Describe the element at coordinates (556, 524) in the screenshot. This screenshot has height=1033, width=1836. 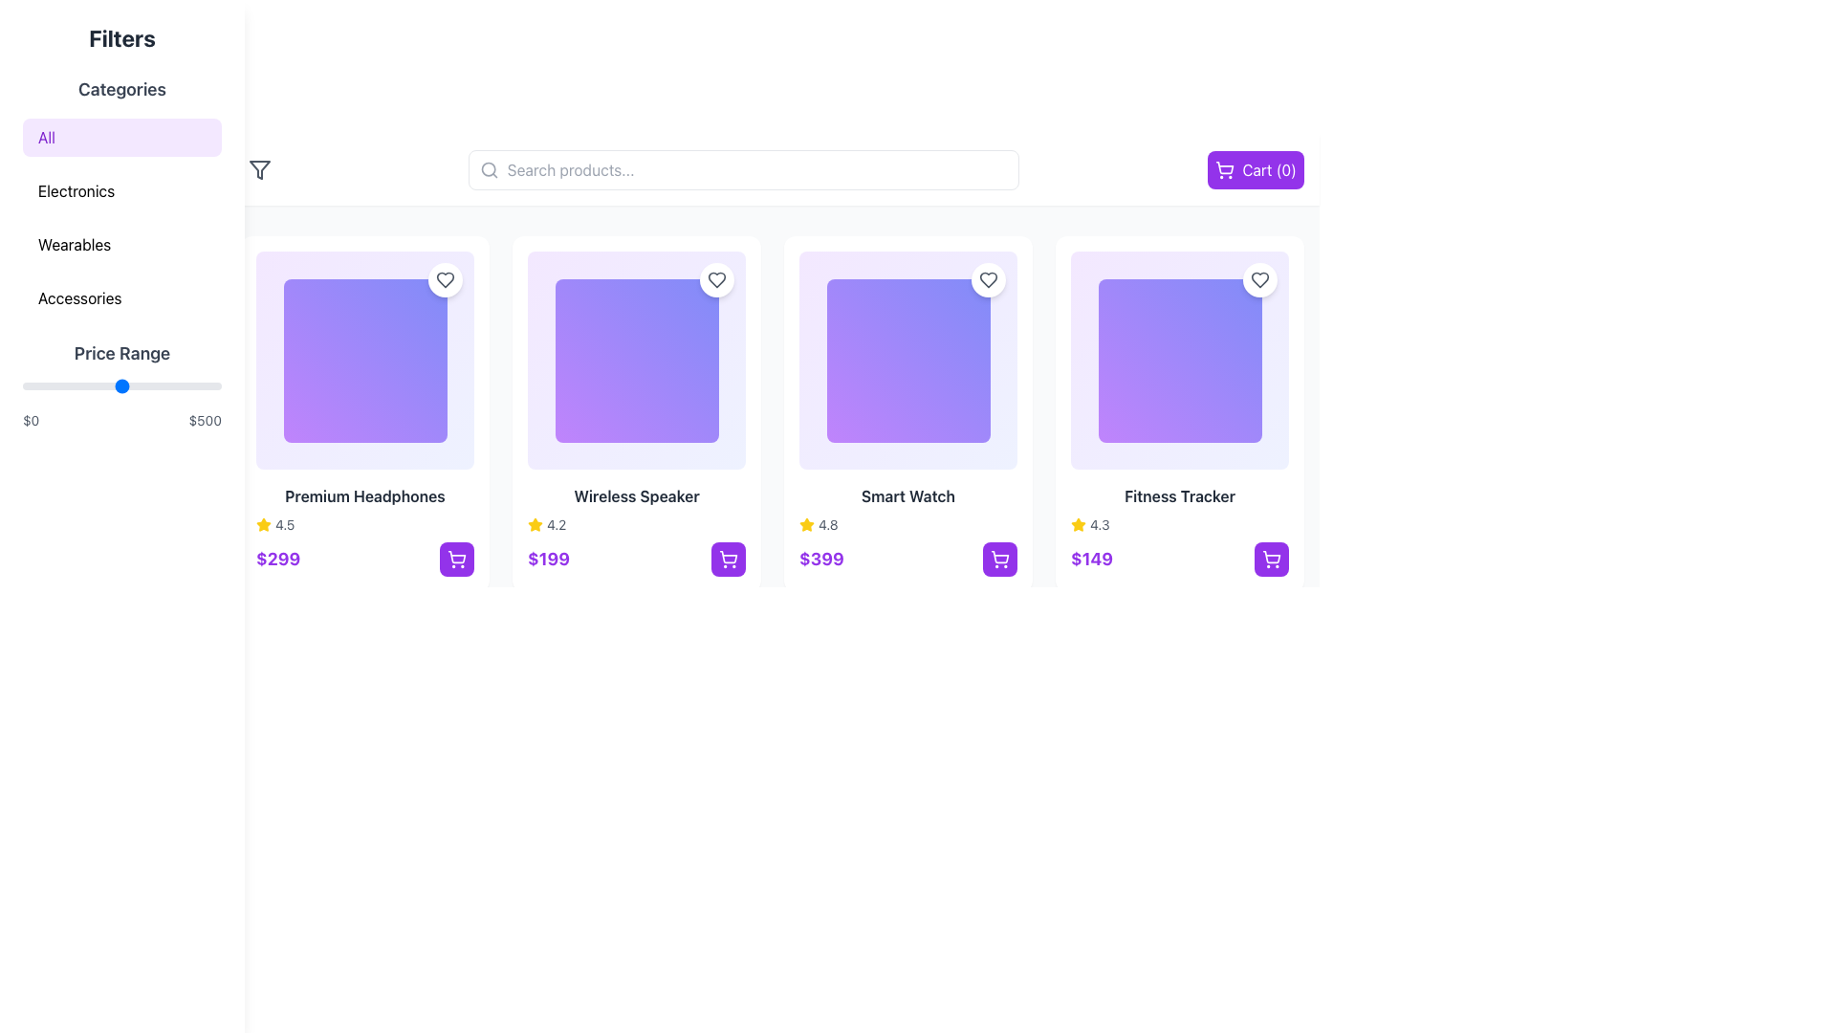
I see `value displayed in the text '4.2', which is positioned below the product image and above the price for the product 'Wireless Speaker'` at that location.